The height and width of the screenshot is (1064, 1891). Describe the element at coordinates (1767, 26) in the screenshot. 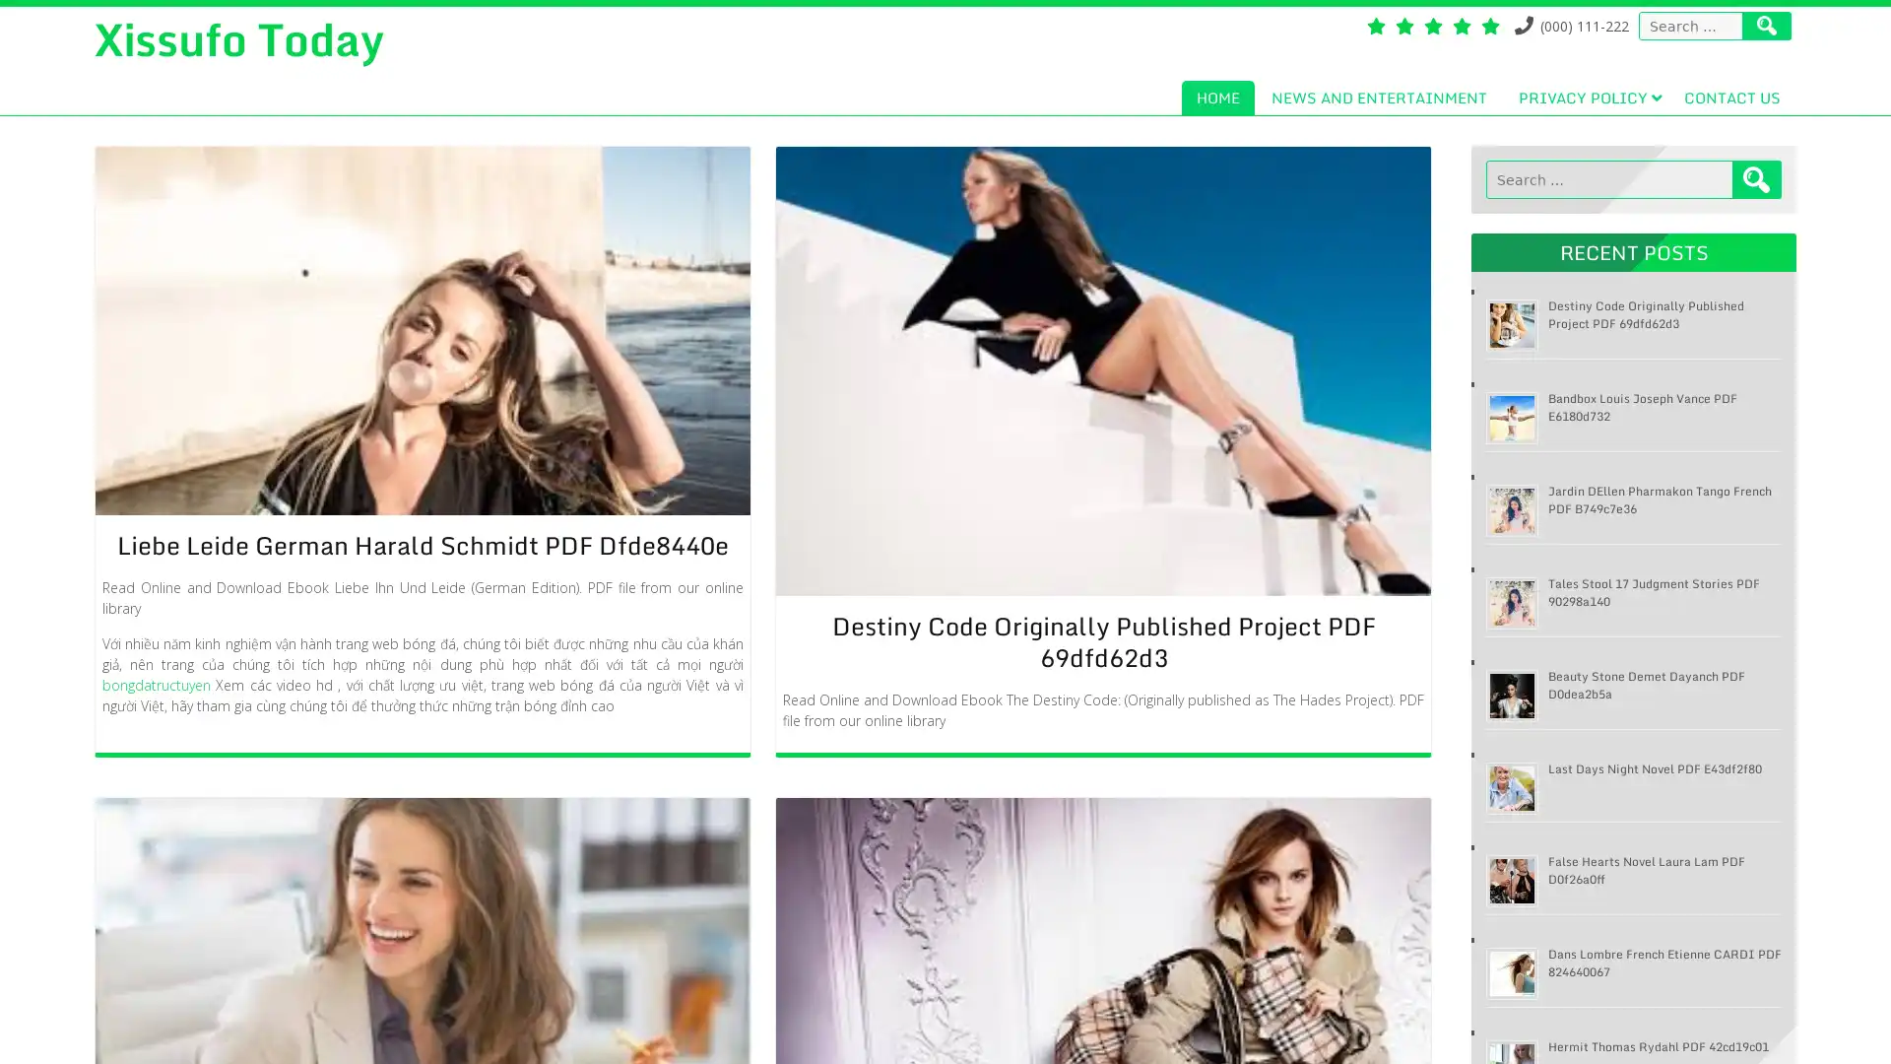

I see `Search` at that location.